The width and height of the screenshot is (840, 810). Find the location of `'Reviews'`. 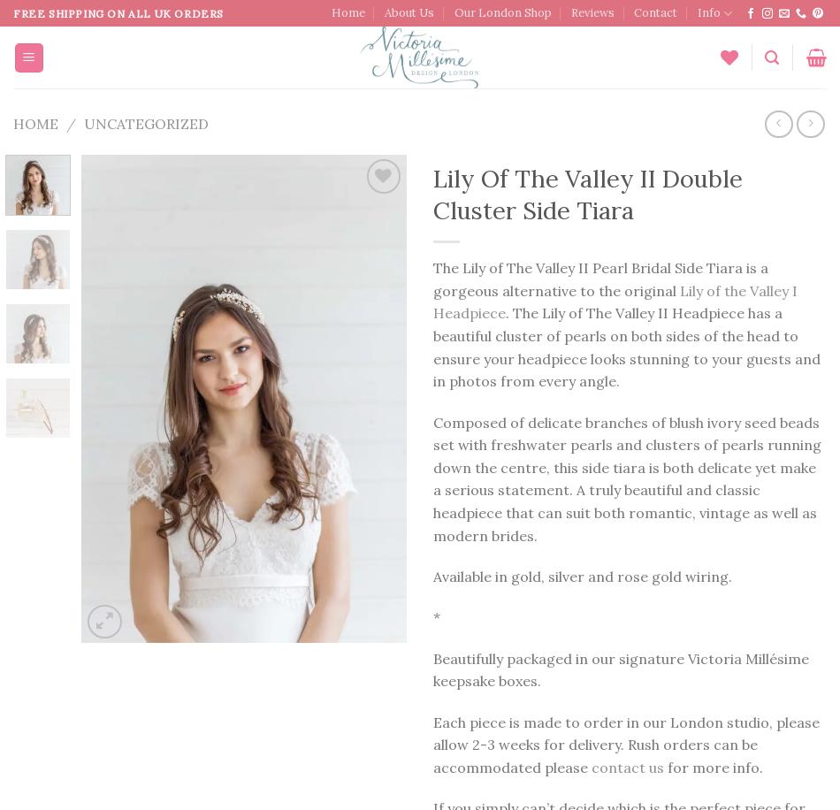

'Reviews' is located at coordinates (592, 12).